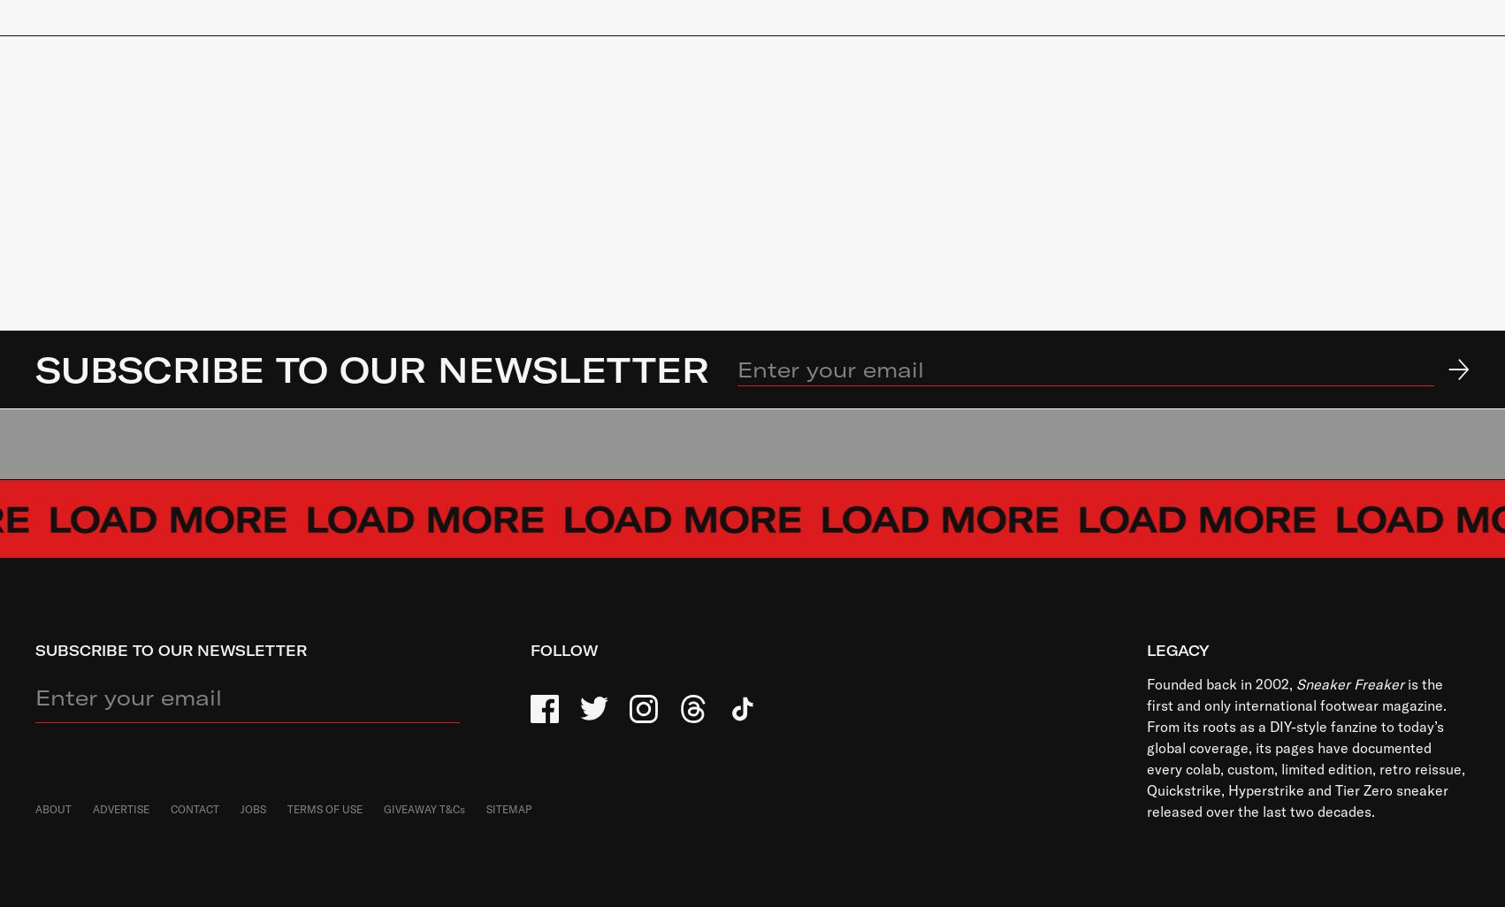 The image size is (1505, 907). I want to click on 'CONTACT', so click(170, 808).